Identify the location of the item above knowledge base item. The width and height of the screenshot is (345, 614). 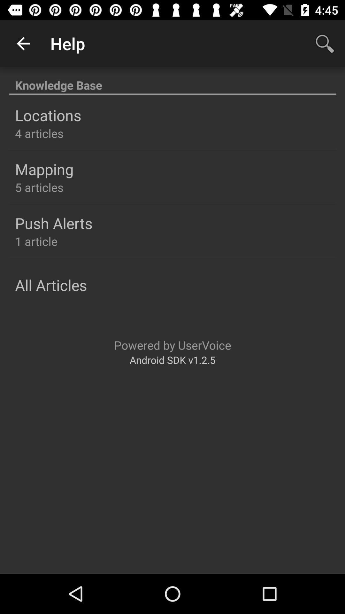
(23, 43).